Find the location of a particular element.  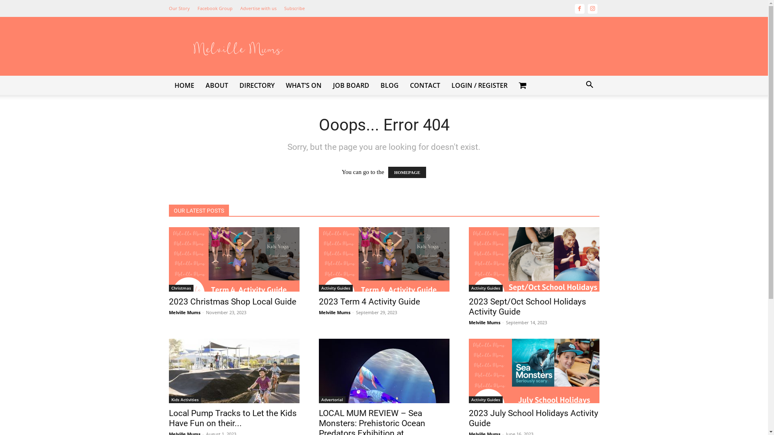

'Instagram' is located at coordinates (592, 8).